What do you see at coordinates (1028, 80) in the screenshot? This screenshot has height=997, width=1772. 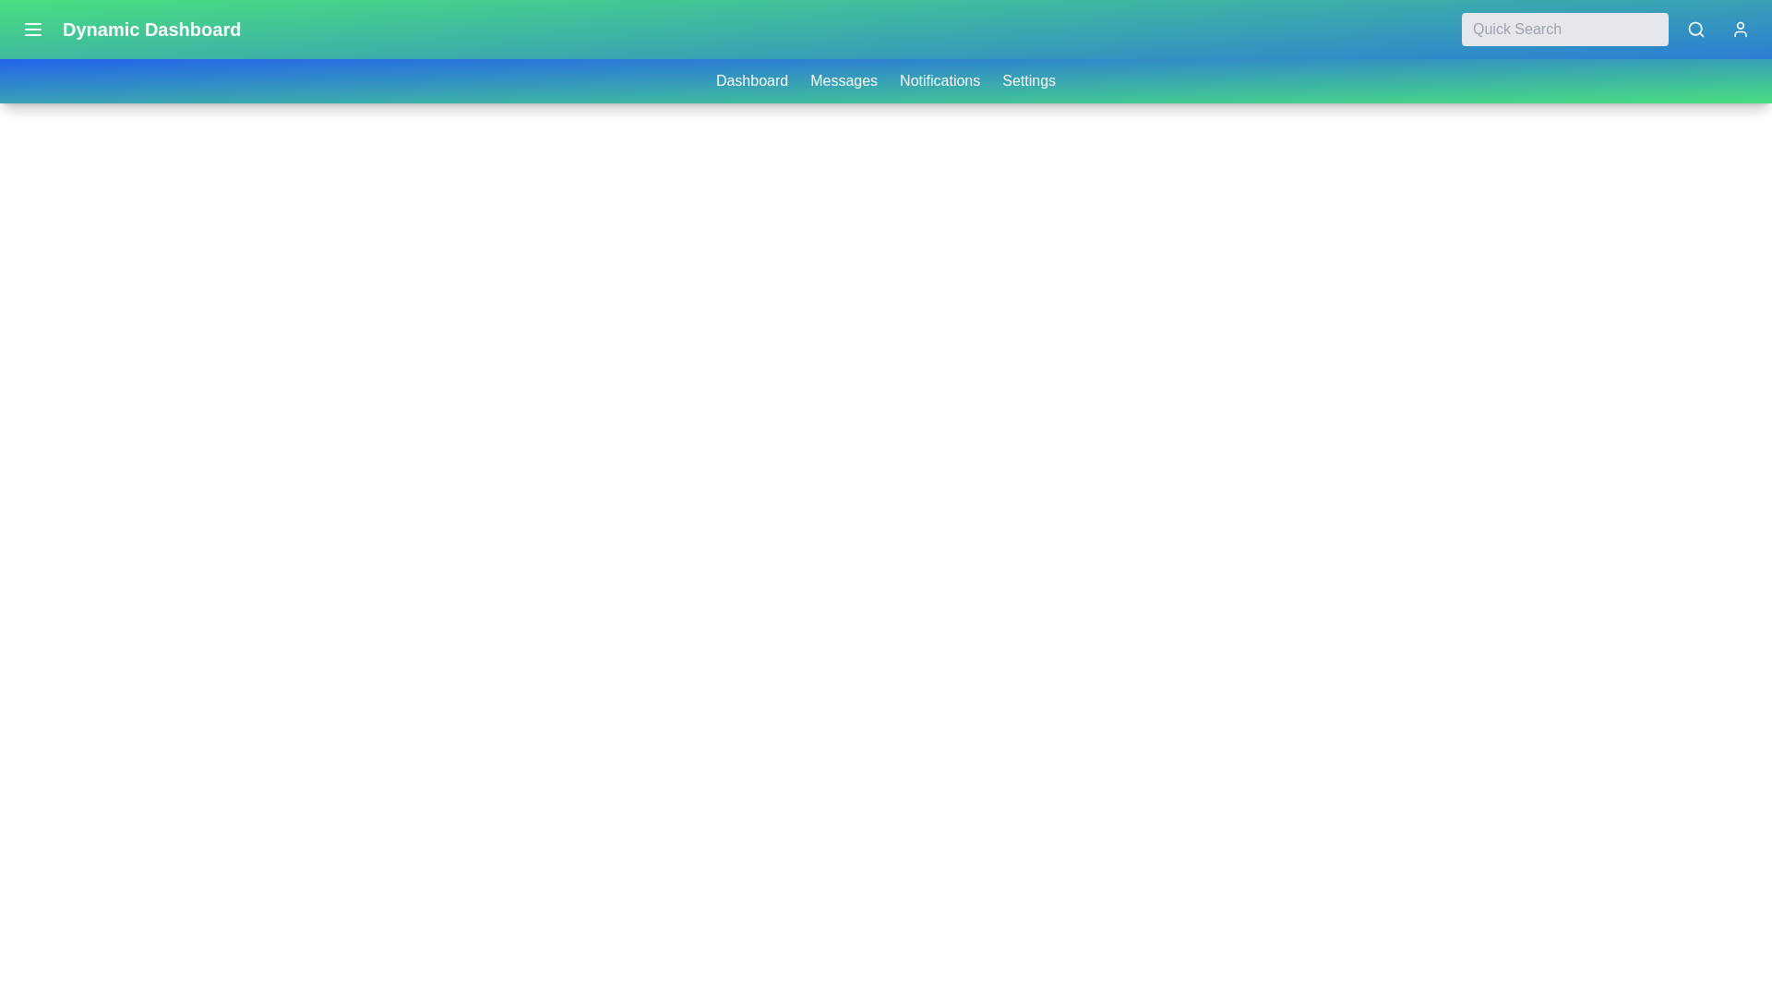 I see `the fourth item in the horizontal navigation menu, which is a clickable text link for navigating to the settings page` at bounding box center [1028, 80].